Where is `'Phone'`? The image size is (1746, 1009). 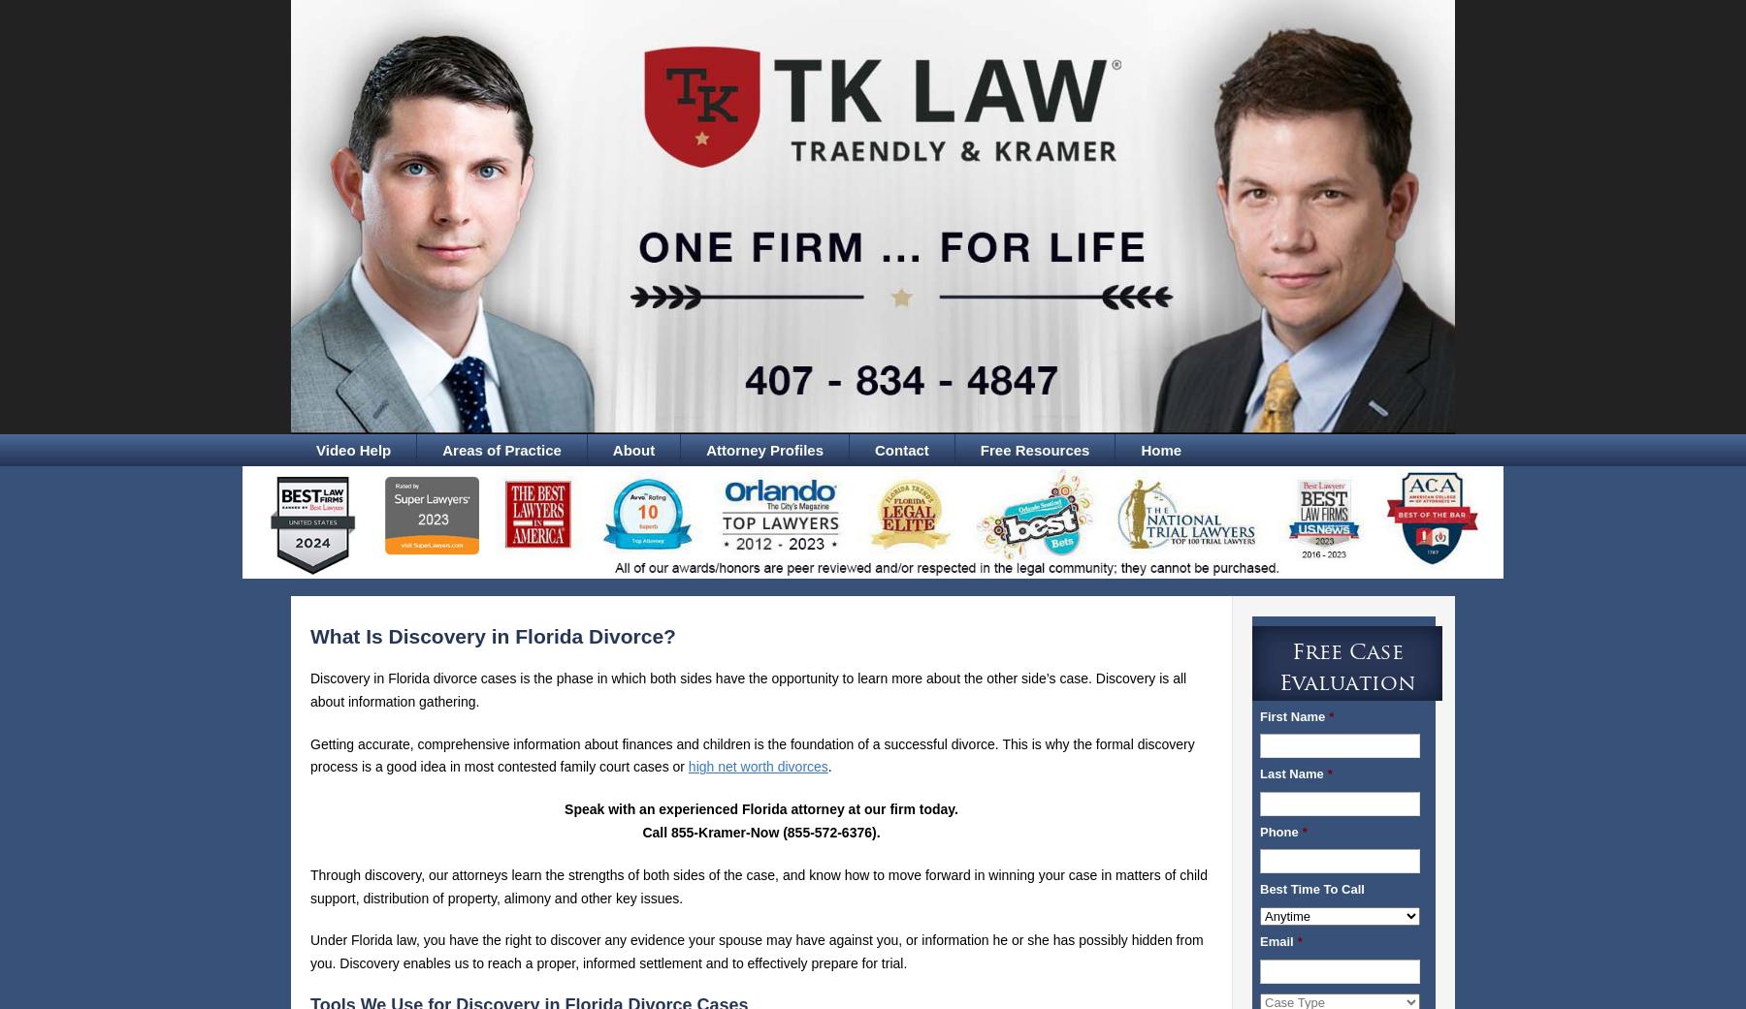 'Phone' is located at coordinates (1278, 830).